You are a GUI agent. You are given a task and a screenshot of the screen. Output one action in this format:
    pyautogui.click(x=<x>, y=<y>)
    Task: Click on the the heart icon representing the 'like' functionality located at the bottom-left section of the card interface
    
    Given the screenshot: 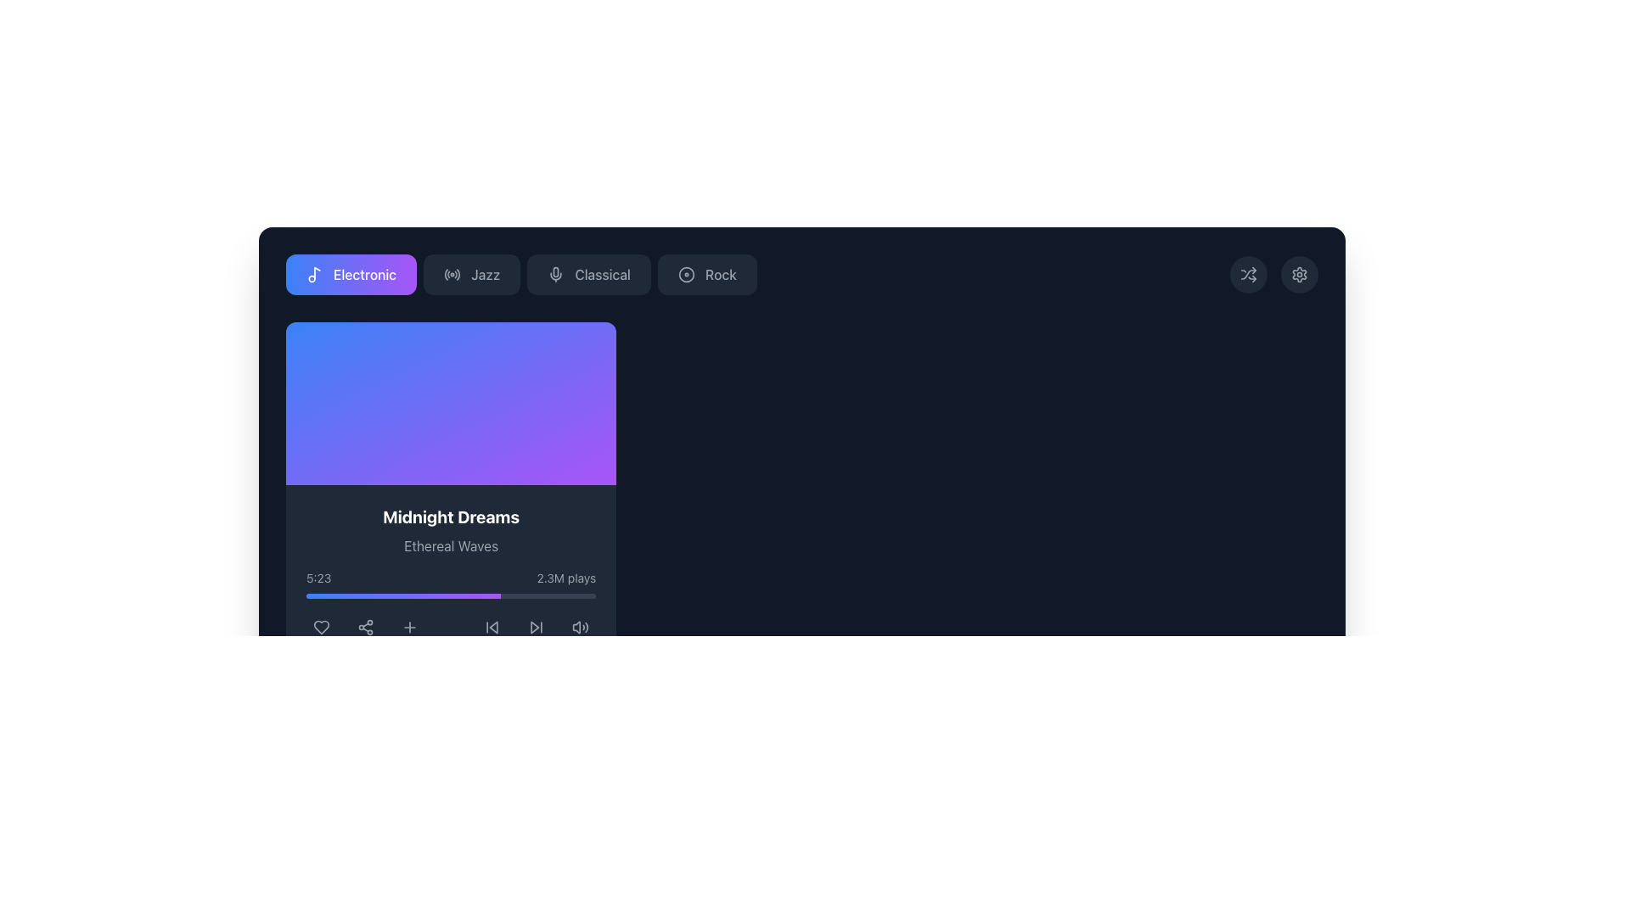 What is the action you would take?
    pyautogui.click(x=322, y=628)
    